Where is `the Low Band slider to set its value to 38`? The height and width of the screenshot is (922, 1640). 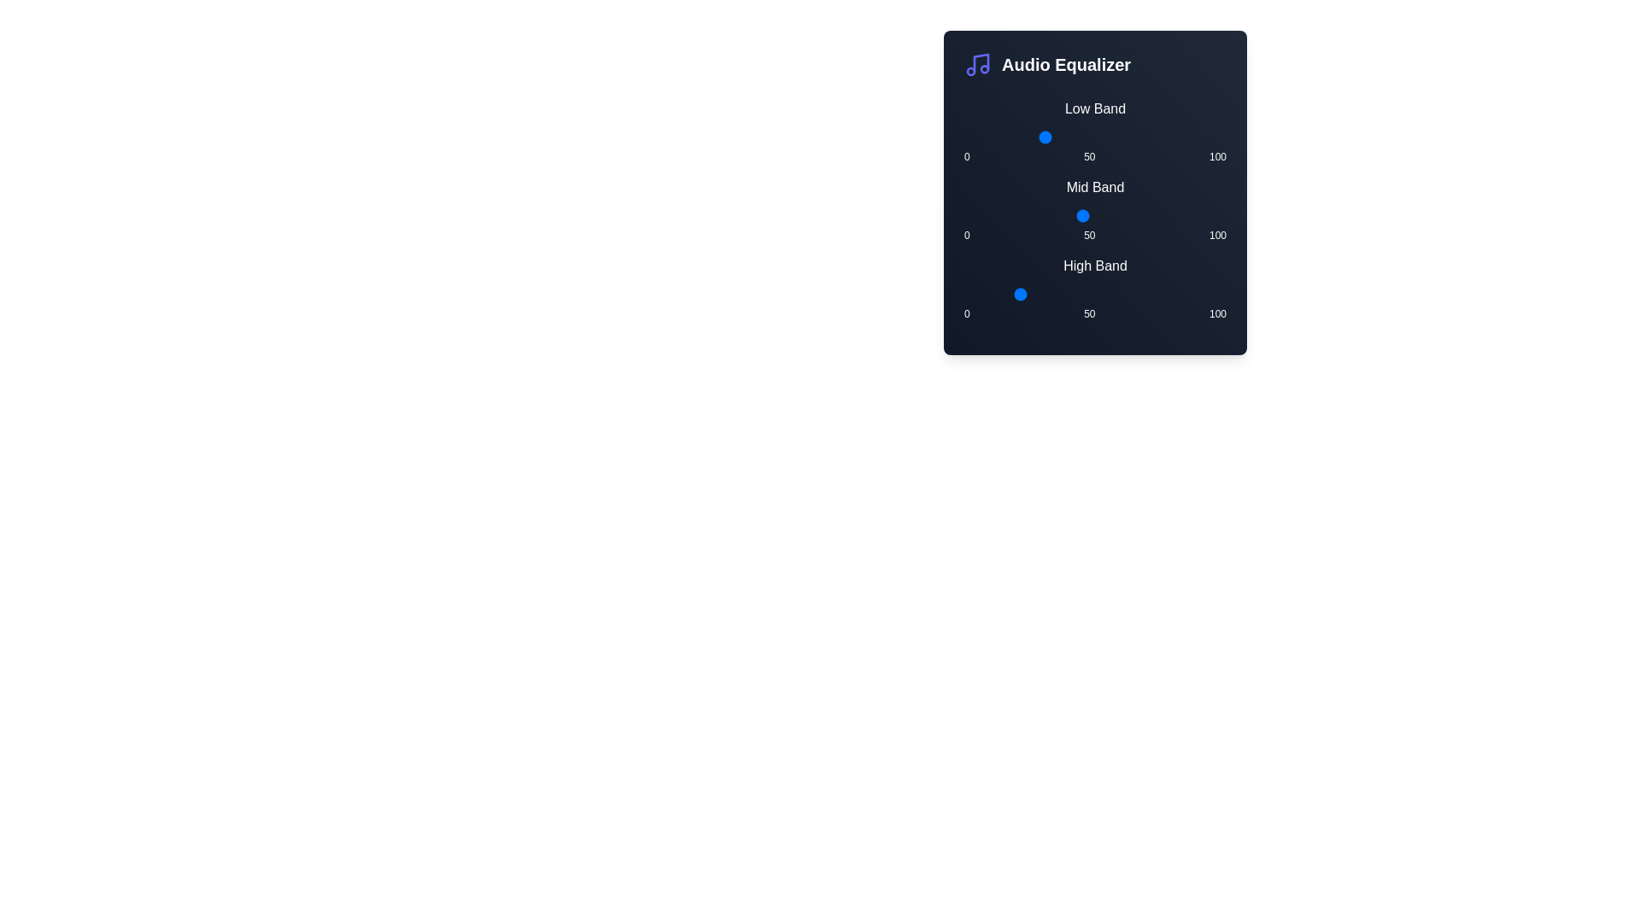
the Low Band slider to set its value to 38 is located at coordinates (1063, 137).